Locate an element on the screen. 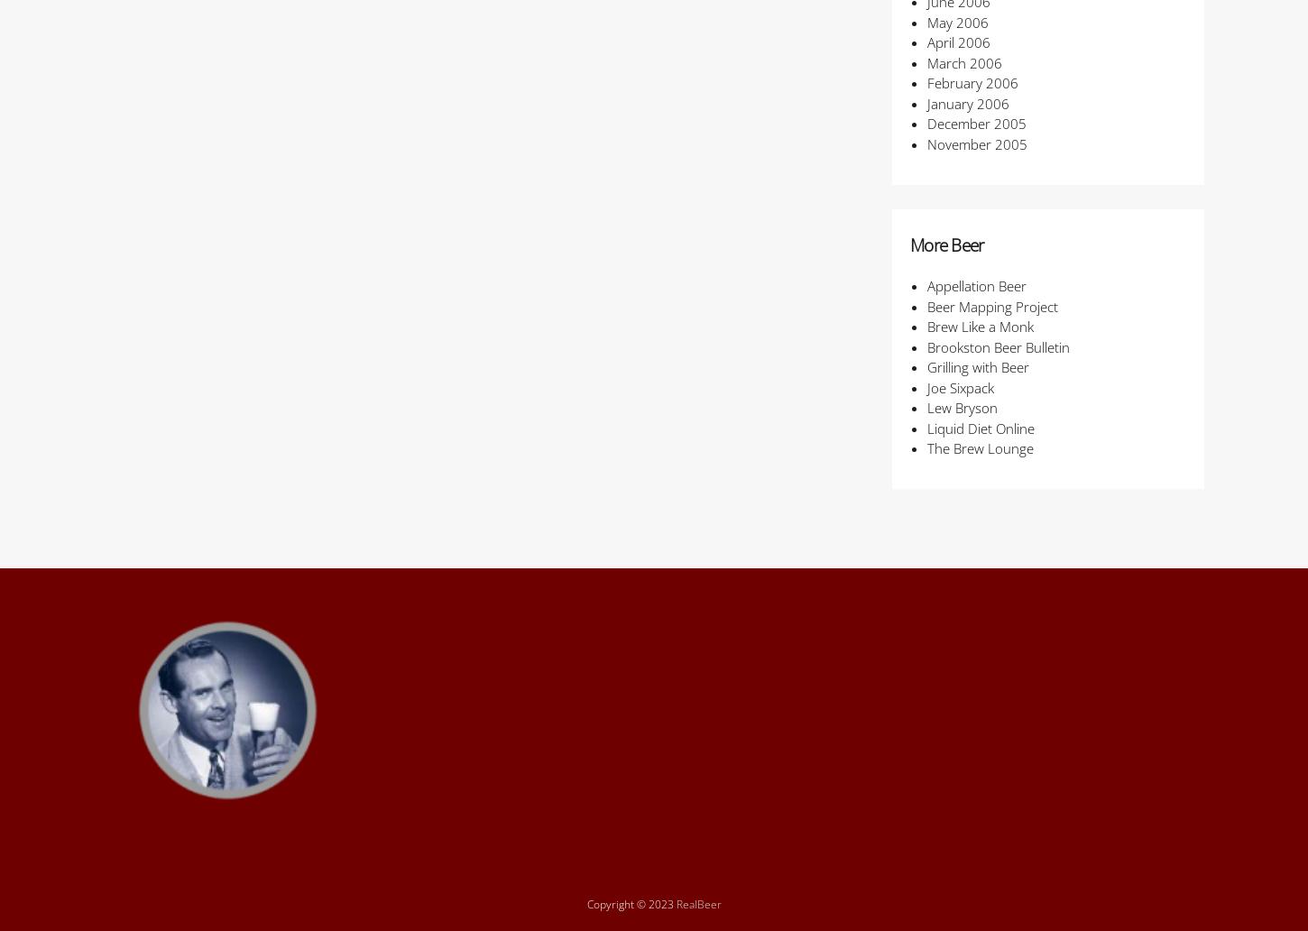 This screenshot has width=1308, height=931. 'Grilling with Beer' is located at coordinates (977, 366).